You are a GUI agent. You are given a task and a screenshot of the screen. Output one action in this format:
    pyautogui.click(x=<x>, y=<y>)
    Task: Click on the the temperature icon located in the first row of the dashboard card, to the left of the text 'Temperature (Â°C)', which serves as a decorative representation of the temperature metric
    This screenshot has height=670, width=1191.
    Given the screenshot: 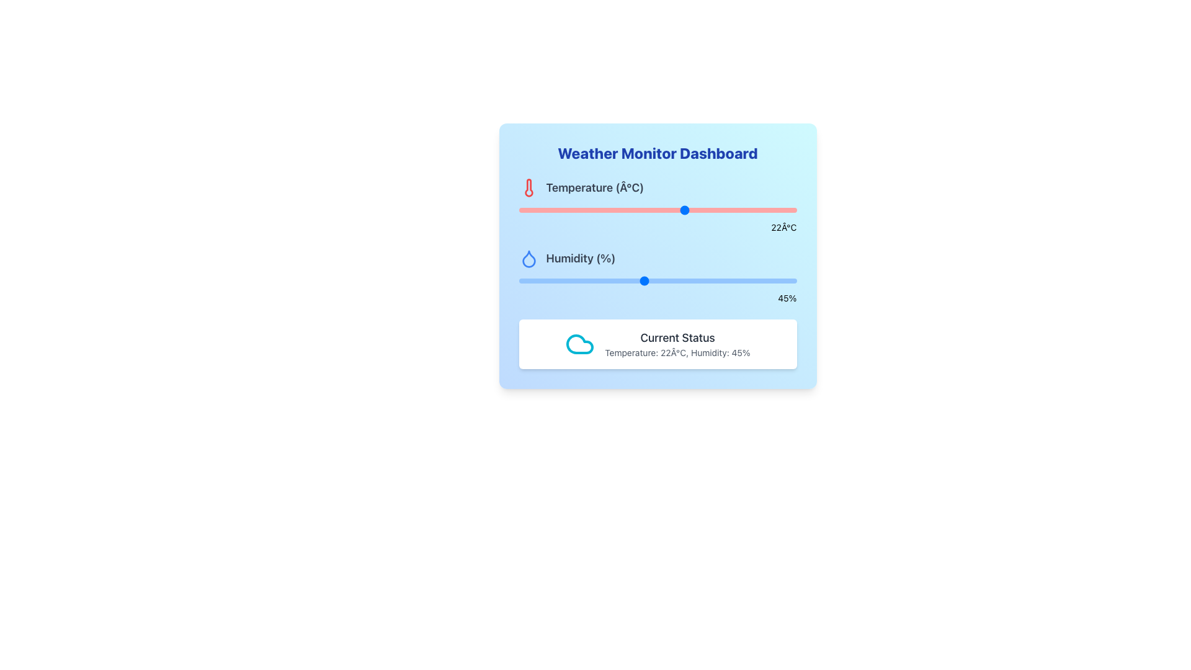 What is the action you would take?
    pyautogui.click(x=529, y=188)
    